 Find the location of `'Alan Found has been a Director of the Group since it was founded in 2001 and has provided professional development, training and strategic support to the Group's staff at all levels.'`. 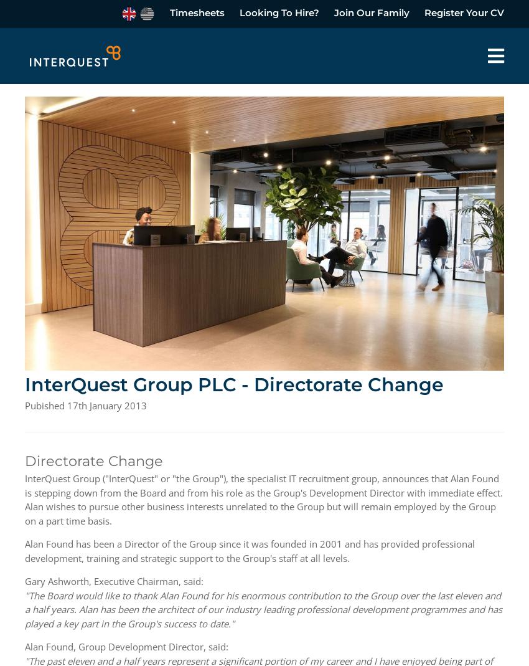

'Alan Found has been a Director of the Group since it was founded in 2001 and has provided professional development, training and strategic support to the Group's staff at all levels.' is located at coordinates (250, 549).